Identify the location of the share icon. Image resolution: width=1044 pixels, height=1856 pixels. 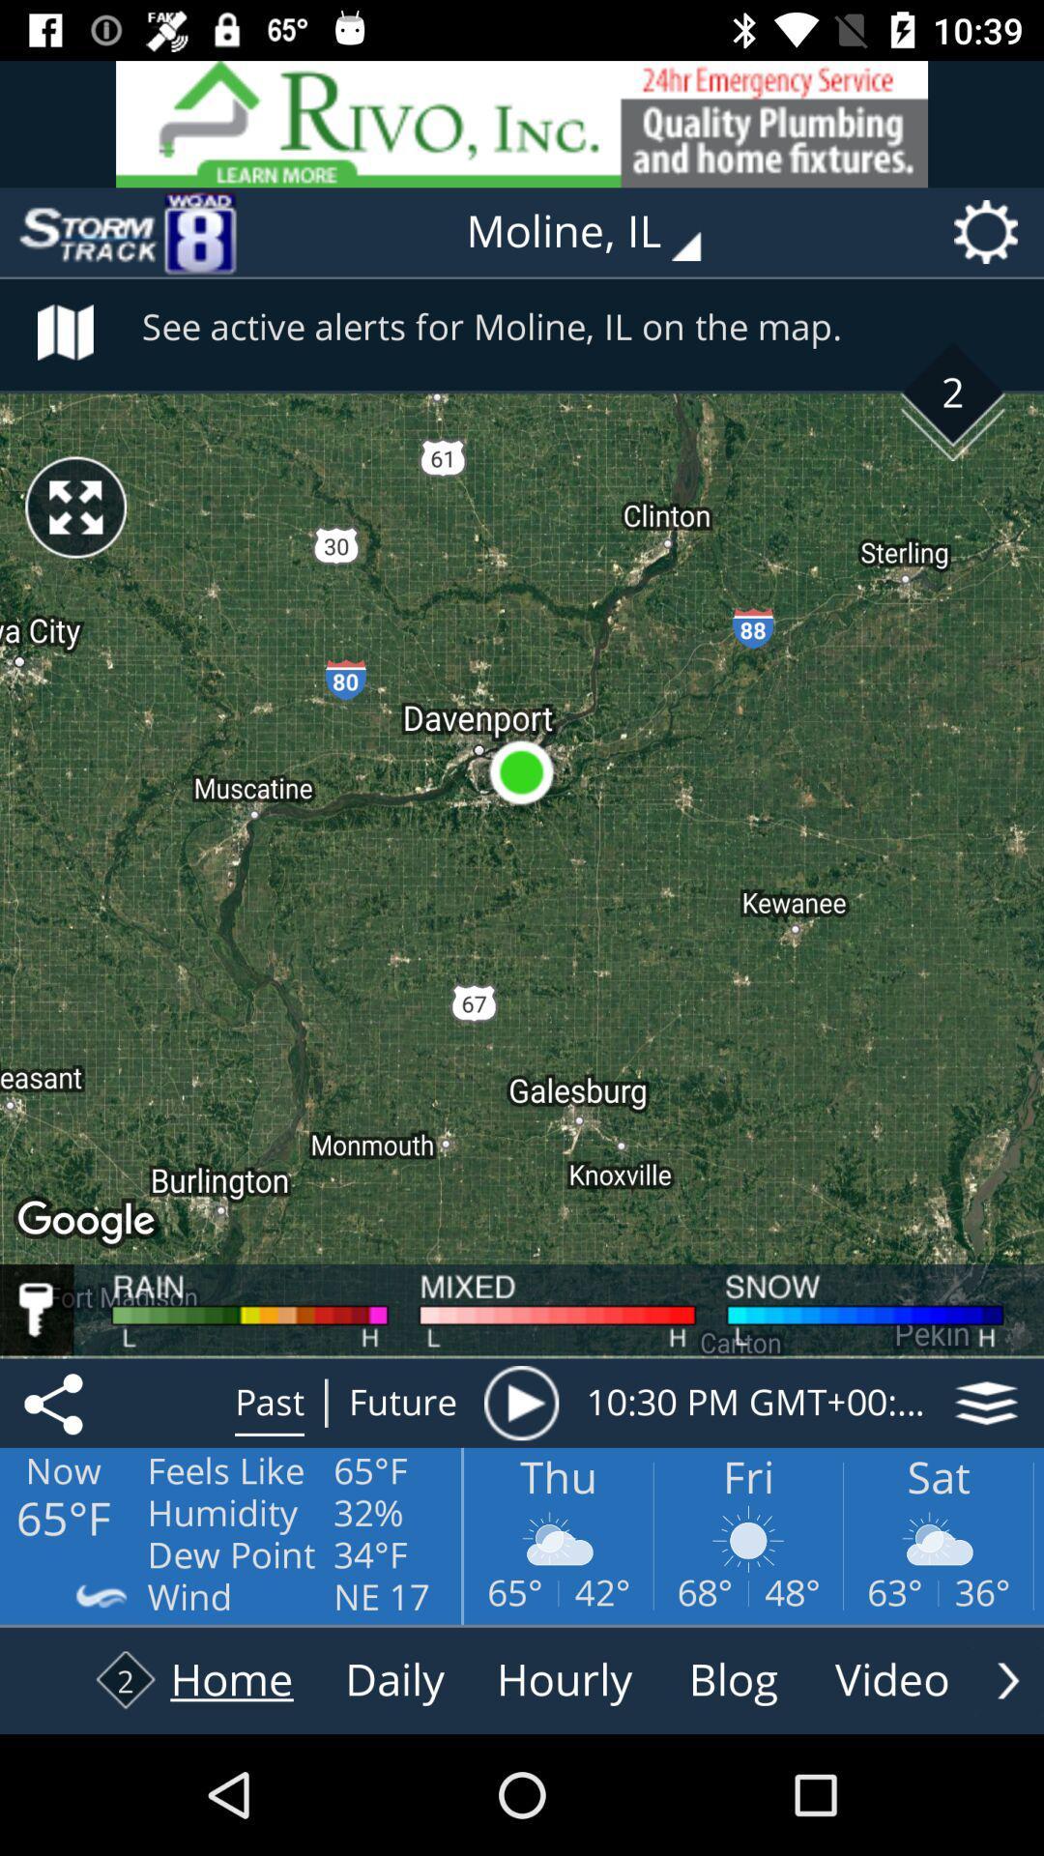
(56, 1403).